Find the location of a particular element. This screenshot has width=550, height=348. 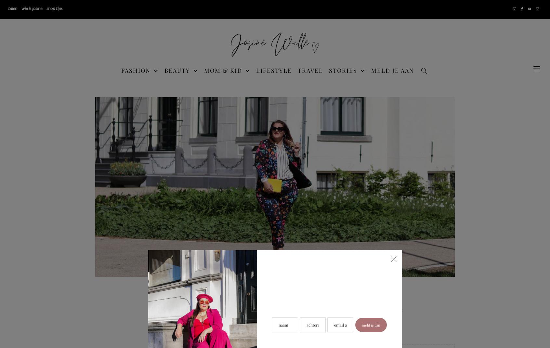

'ZWANGERSCHAP' is located at coordinates (436, 145).